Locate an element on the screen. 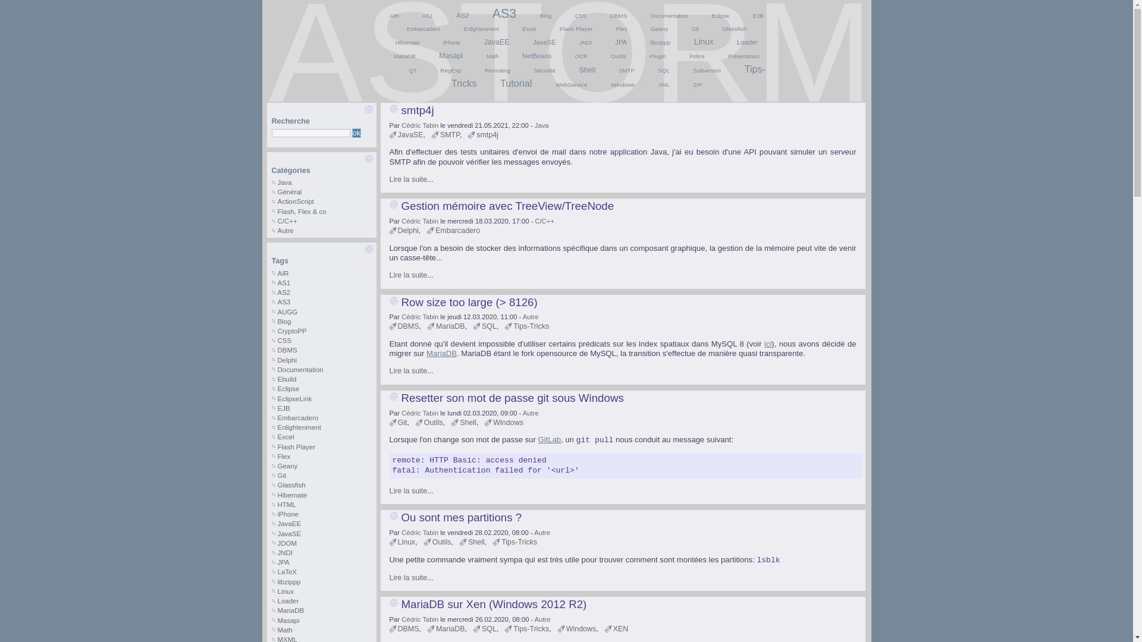  'Masapi' is located at coordinates (450, 55).